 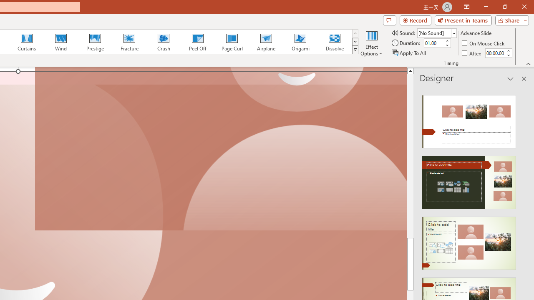 I want to click on 'Duration', so click(x=434, y=43).